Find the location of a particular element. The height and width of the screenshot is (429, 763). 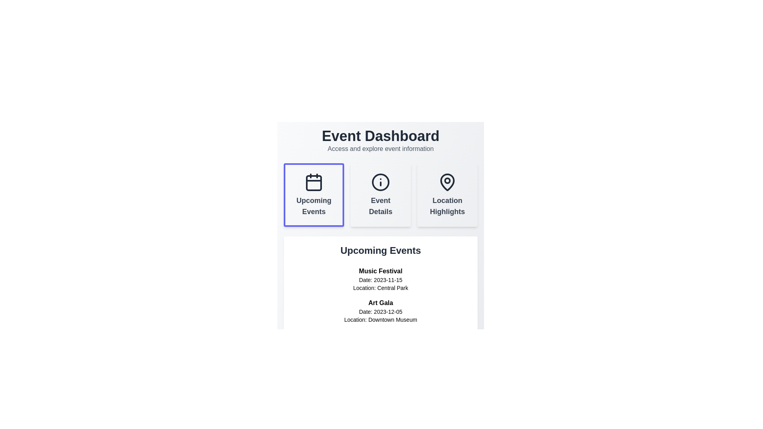

the Clickable Card element that contains a circular 'i' icon and the text 'Event Details' in bold gray color is located at coordinates (380, 195).